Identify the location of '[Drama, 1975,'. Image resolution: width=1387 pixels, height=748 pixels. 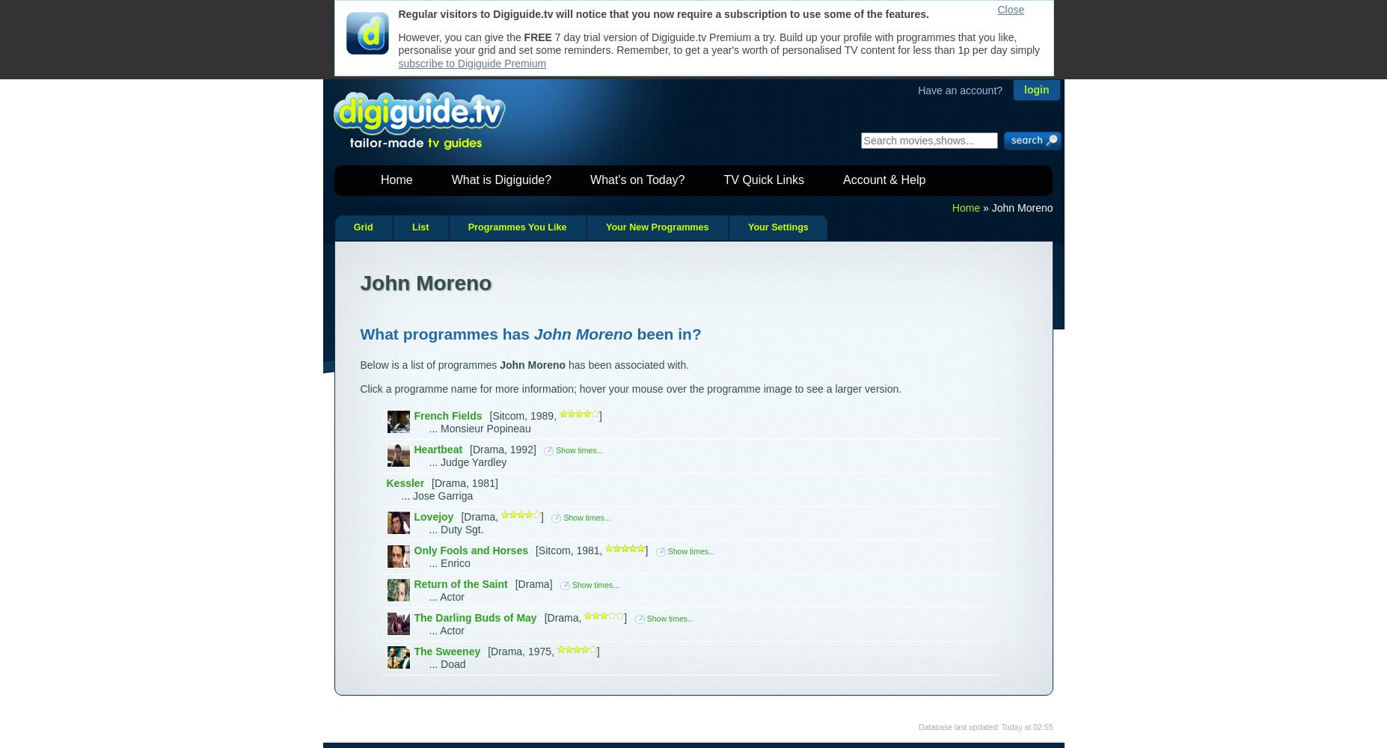
(521, 650).